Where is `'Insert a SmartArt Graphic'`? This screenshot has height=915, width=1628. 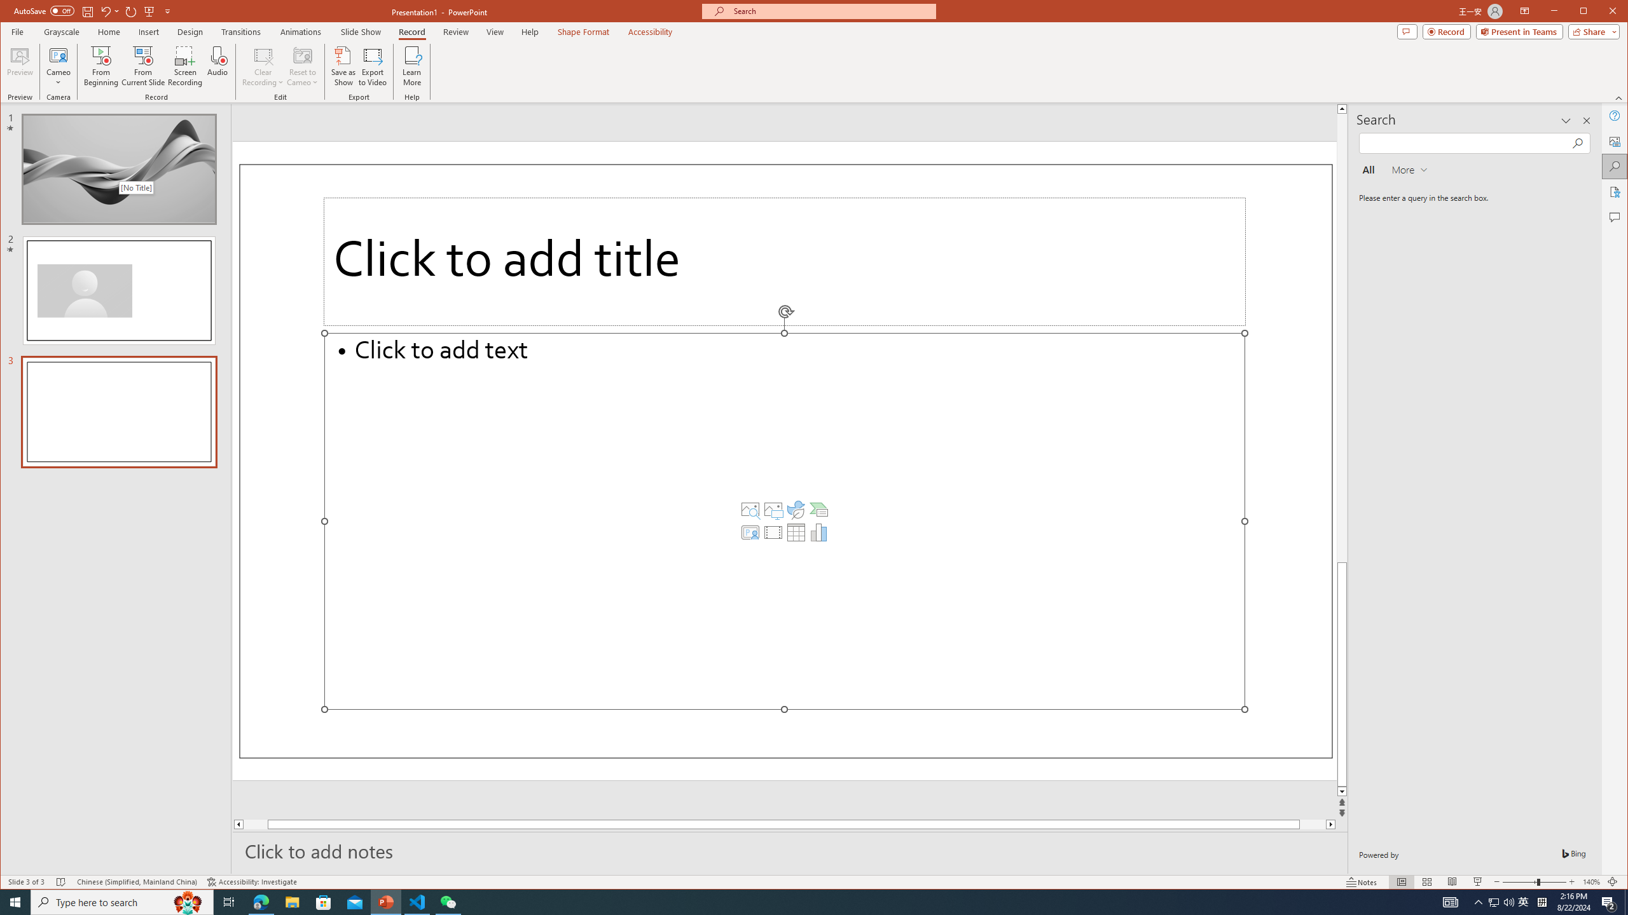 'Insert a SmartArt Graphic' is located at coordinates (818, 509).